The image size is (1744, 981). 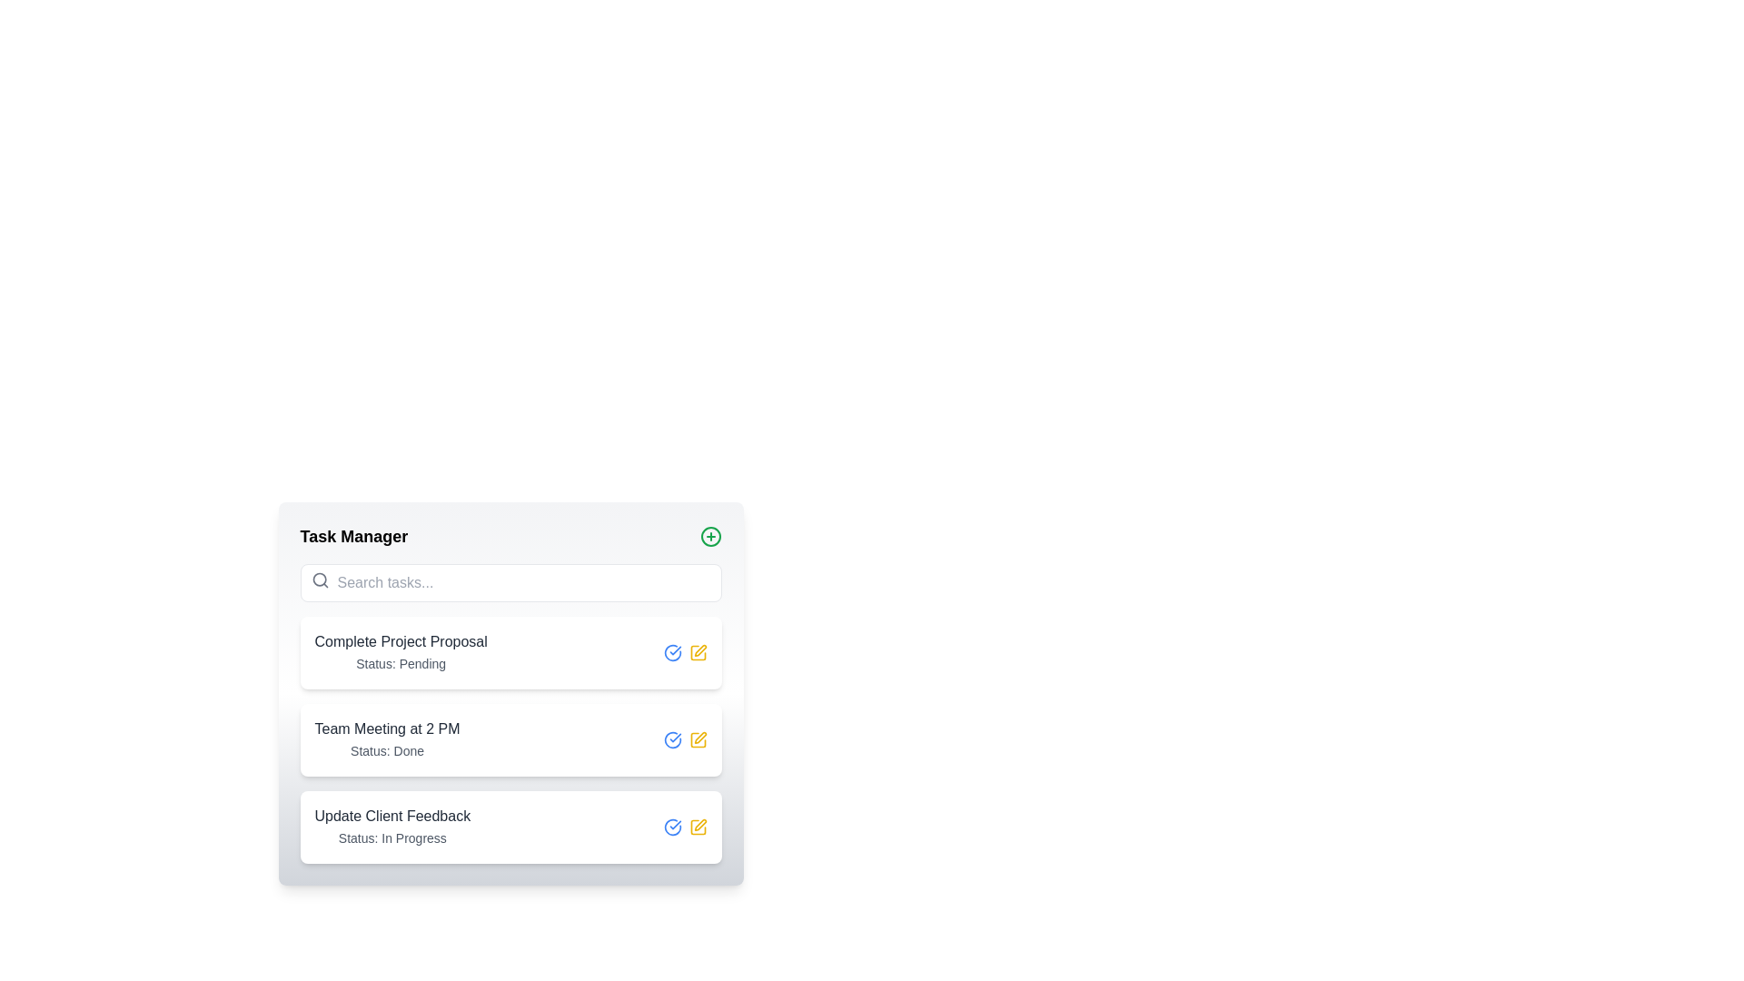 I want to click on the text label that displays the task name 'Team Meeting at 2 PM' in the task management application, so click(x=386, y=728).